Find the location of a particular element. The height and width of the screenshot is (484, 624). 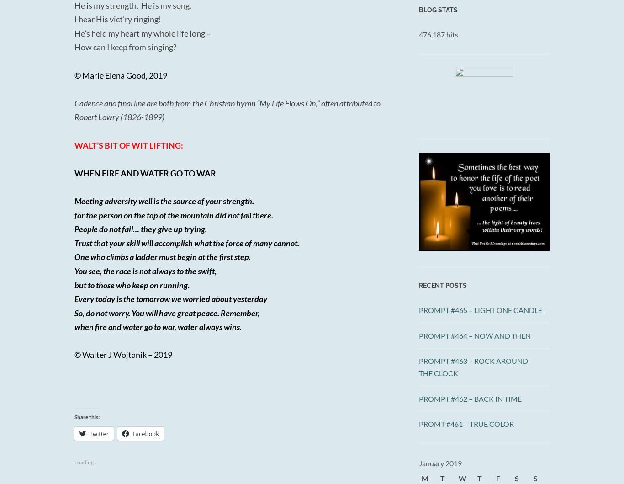

'Trust that your skill will accomplish what the force of many cannot.' is located at coordinates (186, 242).